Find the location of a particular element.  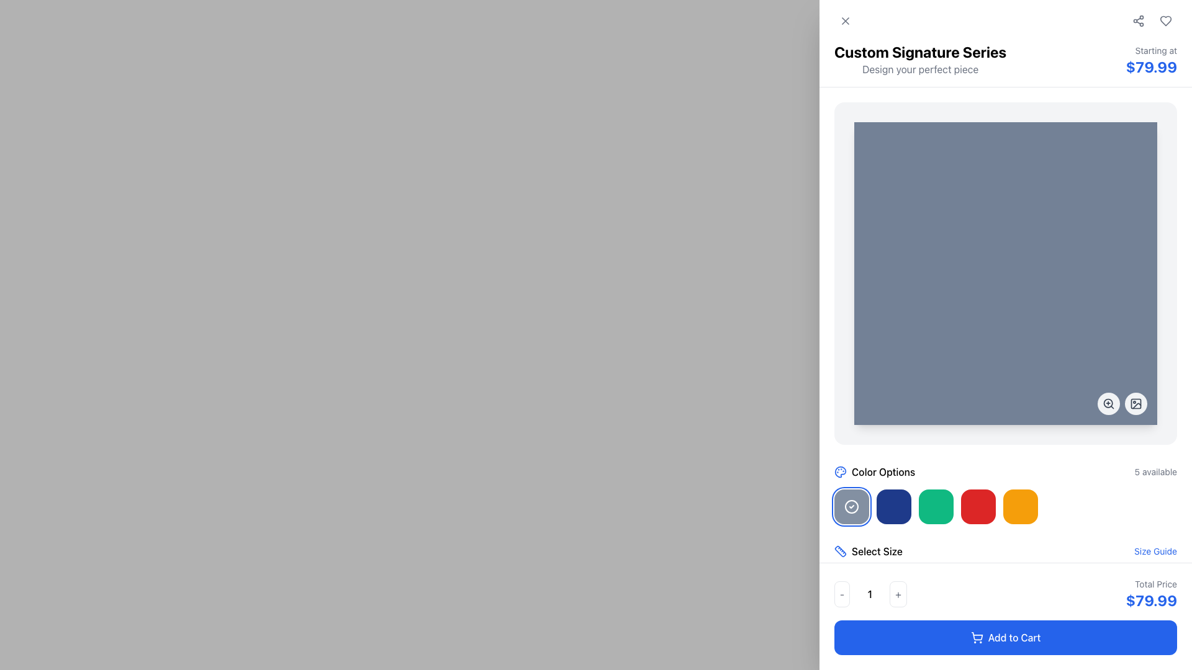

the circular button with a gray 'X' icon is located at coordinates (845, 21).